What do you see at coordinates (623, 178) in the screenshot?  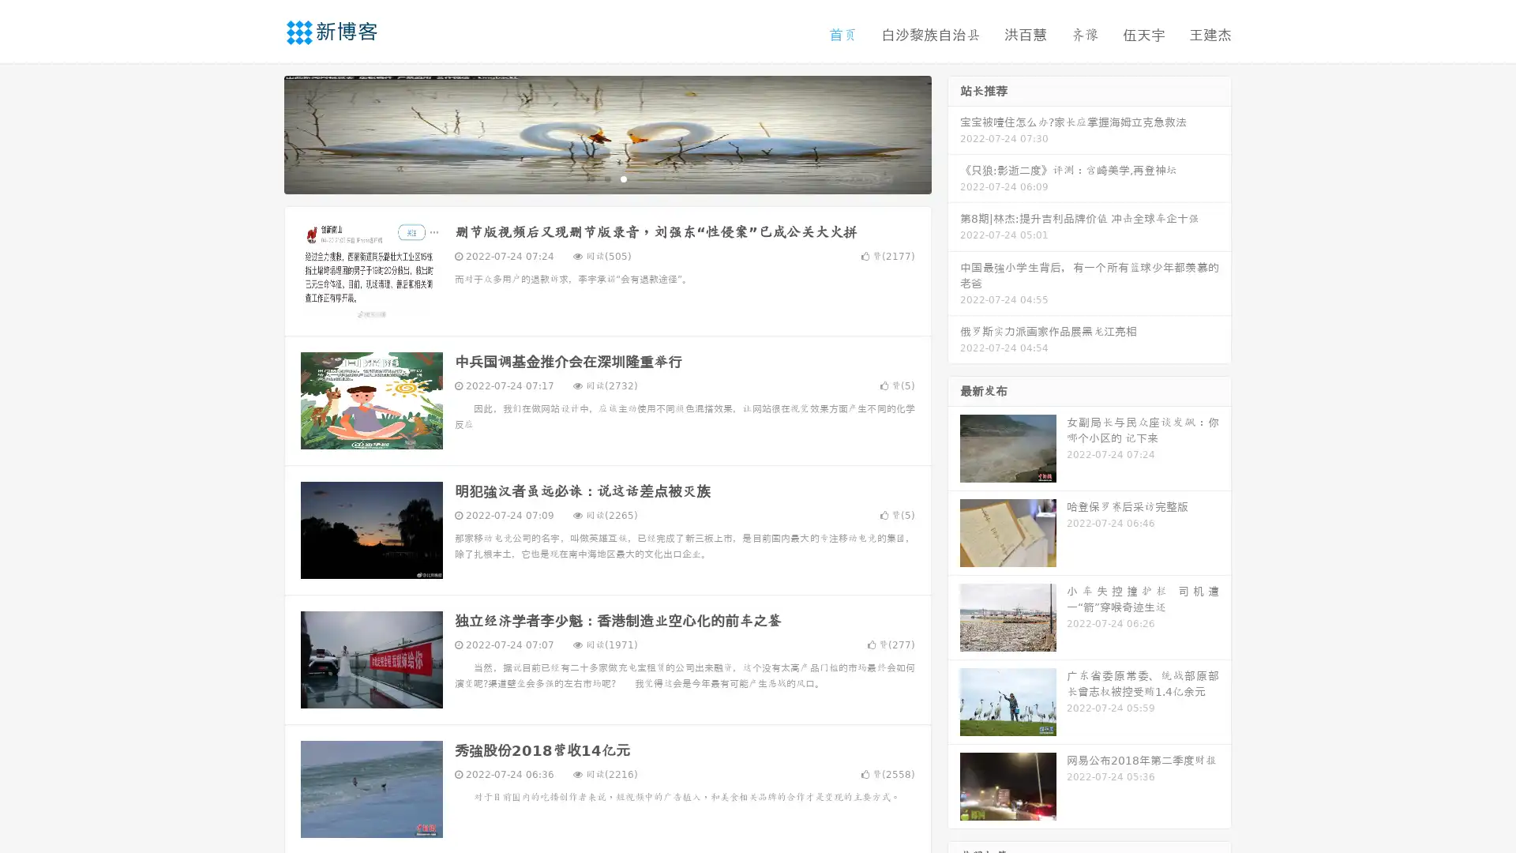 I see `Go to slide 3` at bounding box center [623, 178].